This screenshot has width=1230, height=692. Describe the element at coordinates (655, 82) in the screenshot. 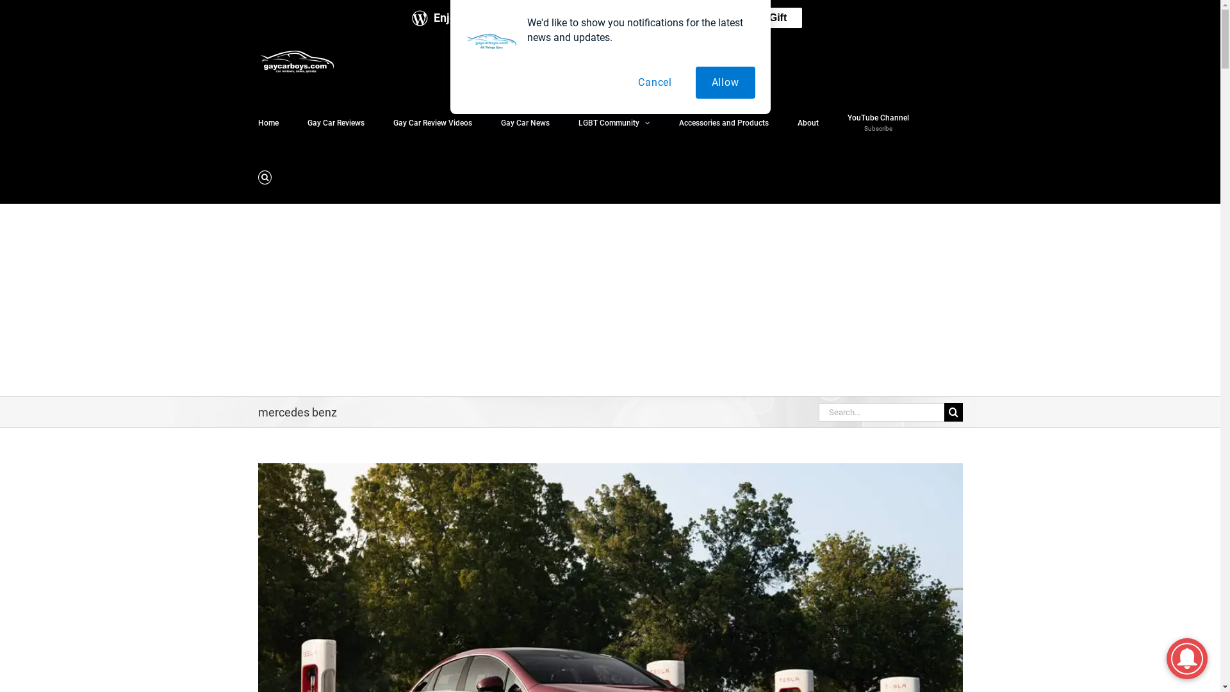

I see `'Cancel'` at that location.